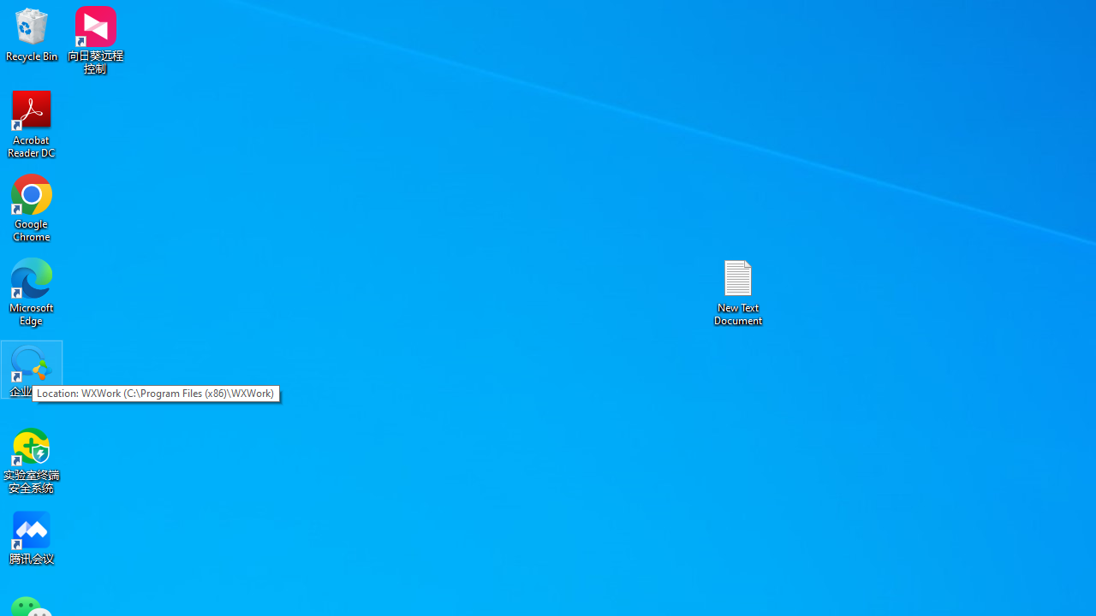  What do you see at coordinates (32, 207) in the screenshot?
I see `'Google Chrome'` at bounding box center [32, 207].